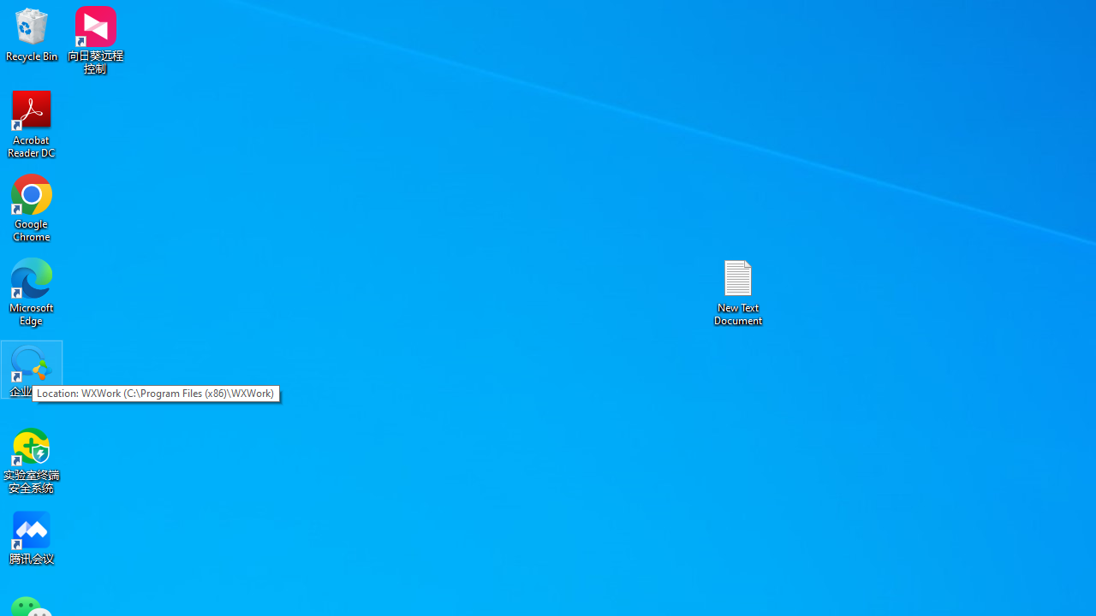  What do you see at coordinates (32, 207) in the screenshot?
I see `'Google Chrome'` at bounding box center [32, 207].